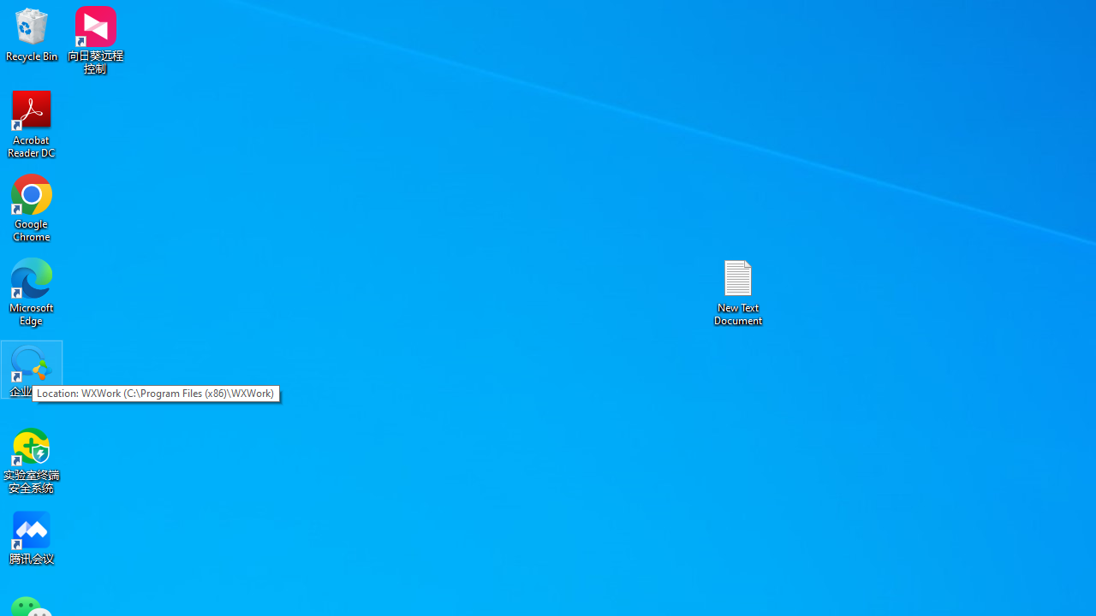  What do you see at coordinates (32, 207) in the screenshot?
I see `'Google Chrome'` at bounding box center [32, 207].